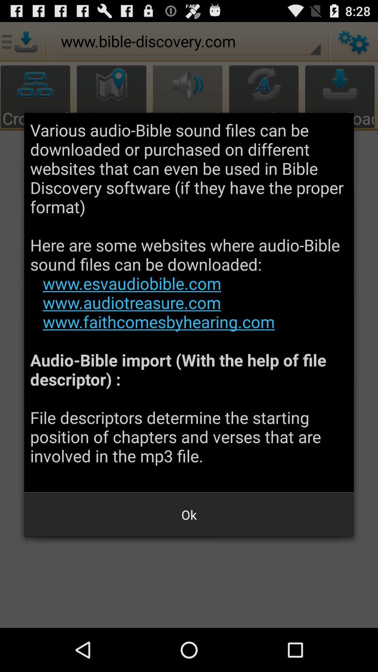 Image resolution: width=378 pixels, height=672 pixels. Describe the element at coordinates (189, 514) in the screenshot. I see `the ok` at that location.